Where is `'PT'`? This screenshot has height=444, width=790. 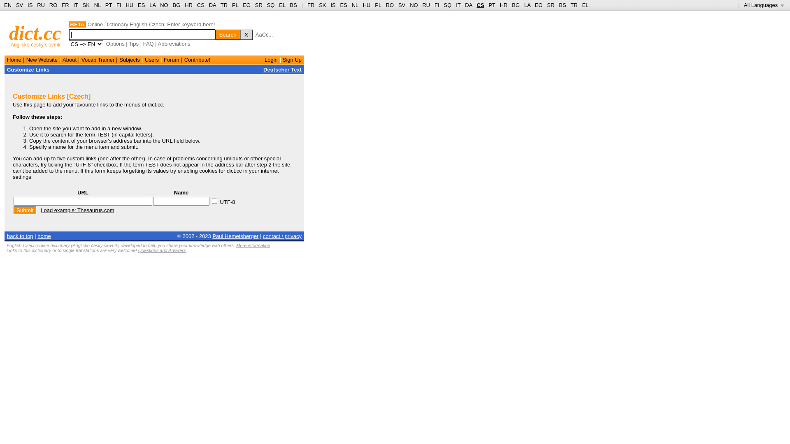 'PT' is located at coordinates (108, 5).